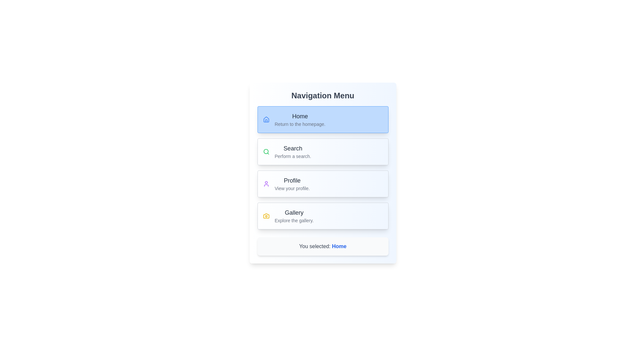 This screenshot has width=629, height=354. I want to click on the menu item labeled Home to view its hover effect, so click(323, 120).